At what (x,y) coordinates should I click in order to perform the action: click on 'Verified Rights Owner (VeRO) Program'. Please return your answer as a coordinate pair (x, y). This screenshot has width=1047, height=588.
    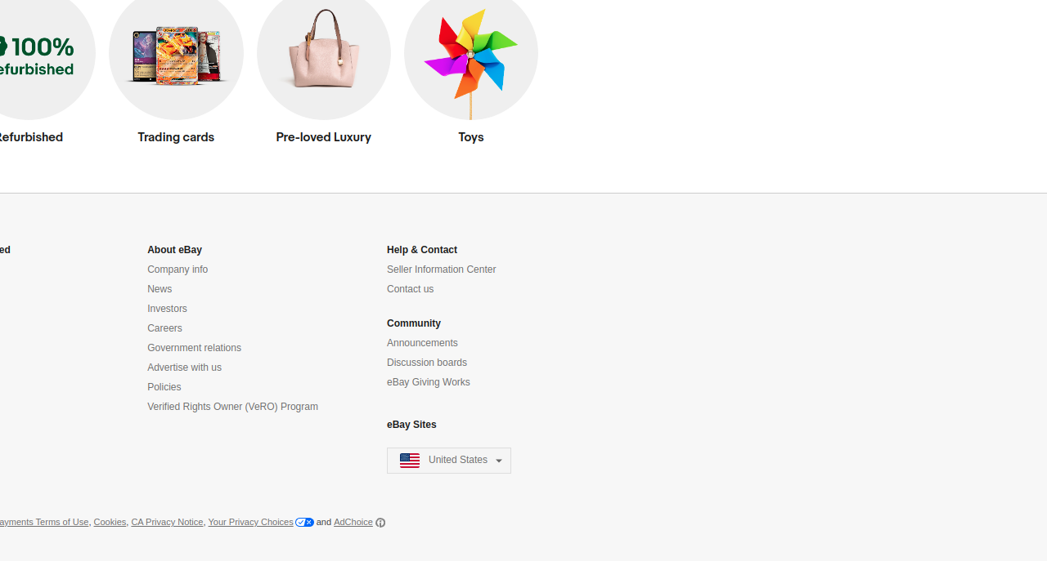
    Looking at the image, I should click on (231, 406).